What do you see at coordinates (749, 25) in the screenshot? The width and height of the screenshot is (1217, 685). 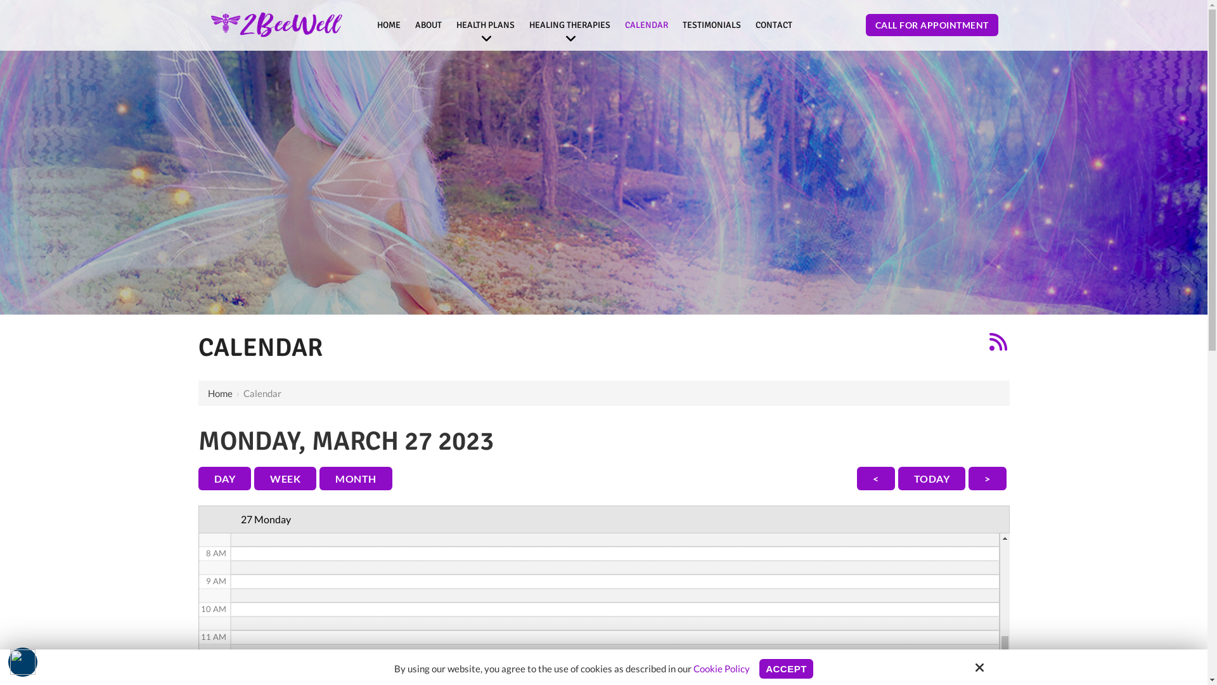 I see `'CONTACT'` at bounding box center [749, 25].